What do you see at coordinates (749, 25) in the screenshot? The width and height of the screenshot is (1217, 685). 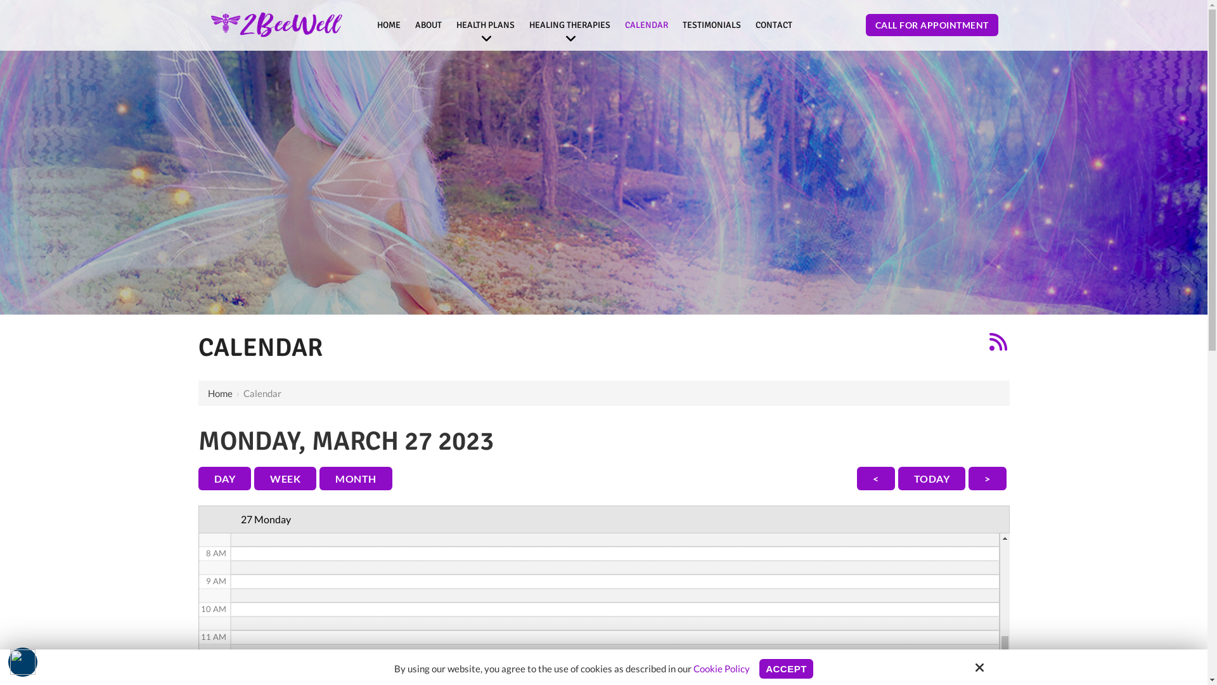 I see `'CONTACT'` at bounding box center [749, 25].